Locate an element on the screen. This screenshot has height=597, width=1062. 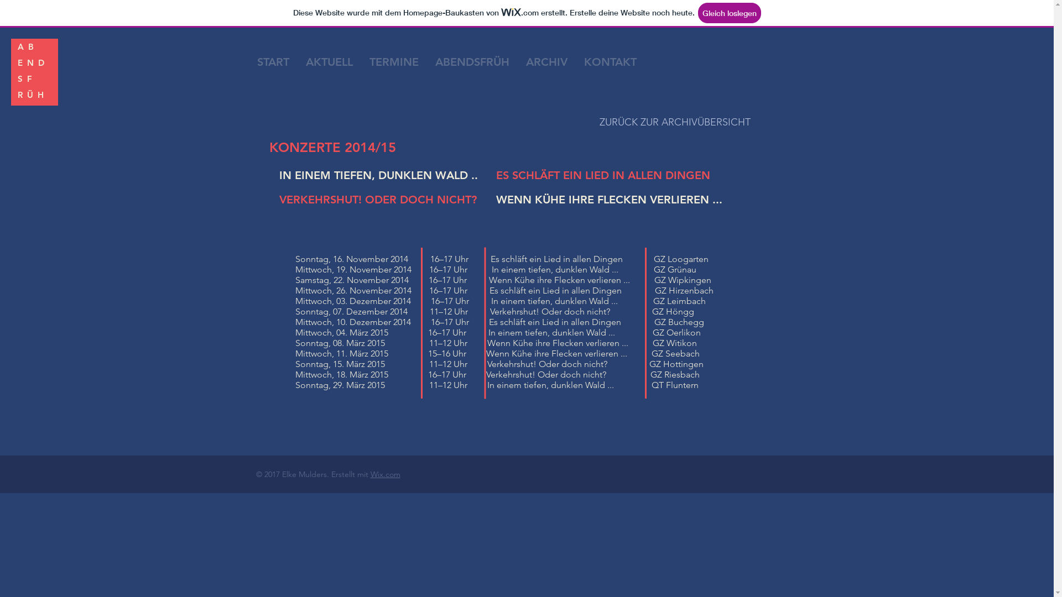
'GZ Riesbach' is located at coordinates (650, 374).